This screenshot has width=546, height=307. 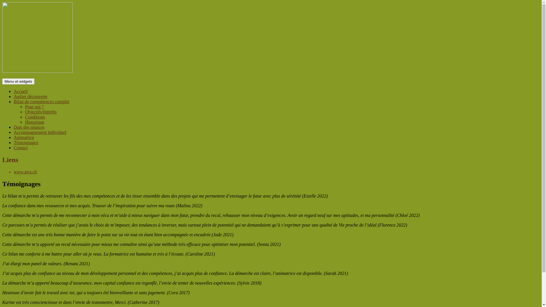 What do you see at coordinates (14, 91) in the screenshot?
I see `'Accueil'` at bounding box center [14, 91].